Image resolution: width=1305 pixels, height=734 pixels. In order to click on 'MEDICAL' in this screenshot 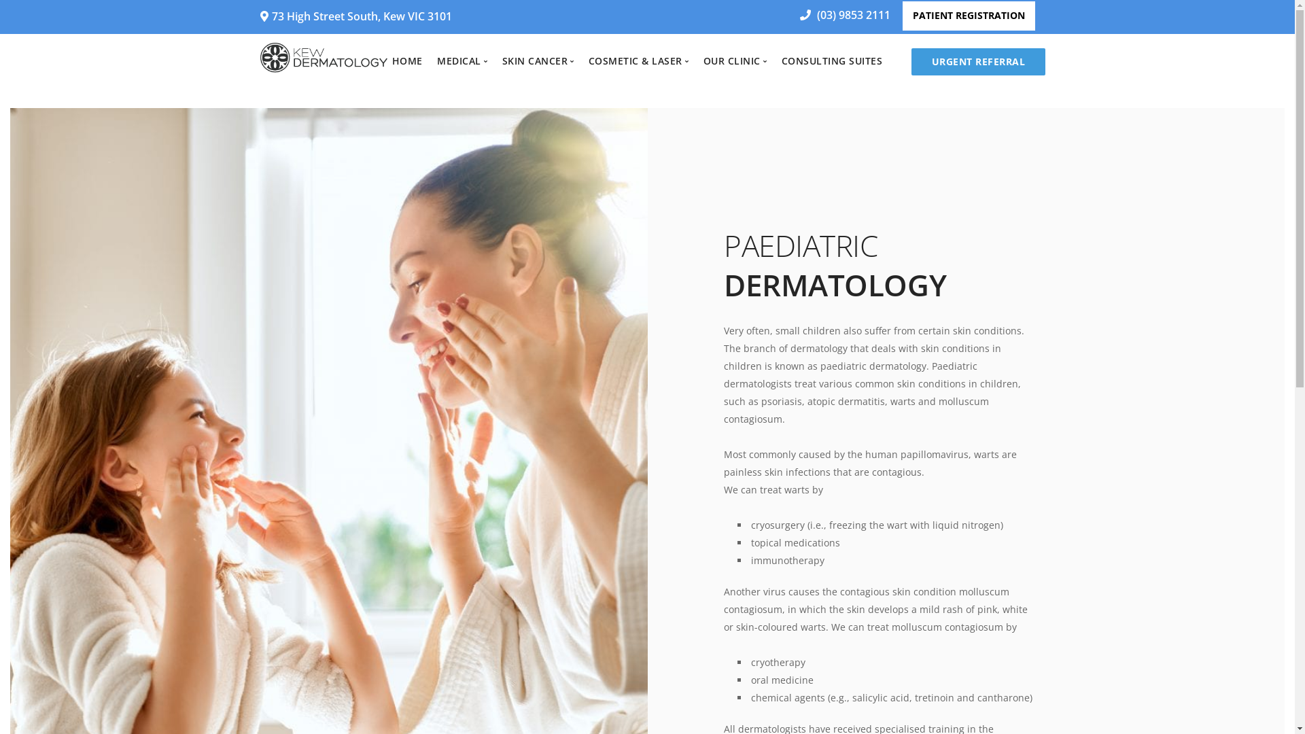, I will do `click(462, 60)`.